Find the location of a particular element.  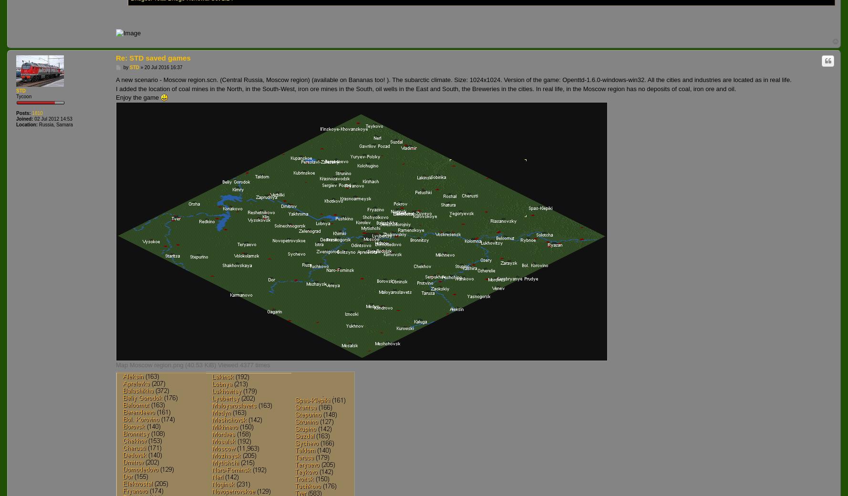

'Tycoon' is located at coordinates (23, 96).